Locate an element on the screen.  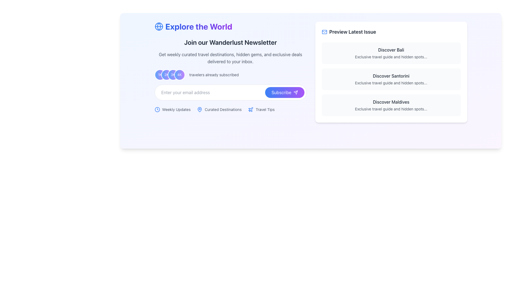
the static text content that provides a brief description under the title 'Discover Bali' in the clickable card interface of the 'Preview Latest Issue' section is located at coordinates (391, 57).